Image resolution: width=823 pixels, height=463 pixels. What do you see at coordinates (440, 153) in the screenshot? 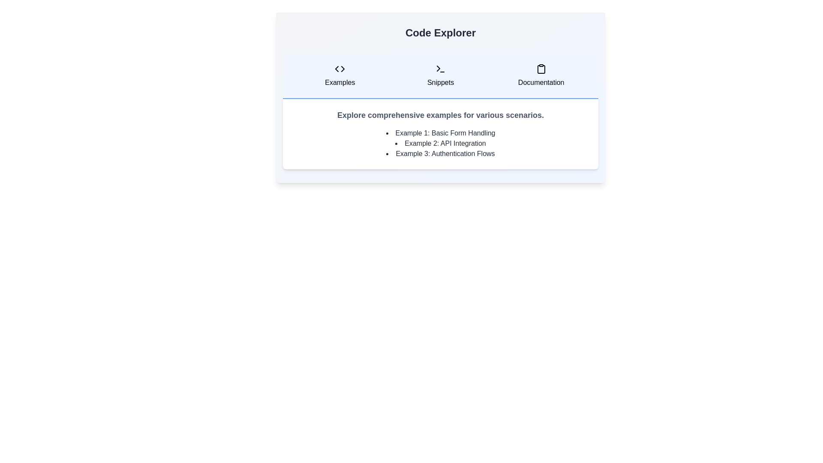
I see `the third list item titled 'Authentication Flows' under the heading 'Explore comprehensive examples for various scenarios' for accessibility purposes` at bounding box center [440, 153].